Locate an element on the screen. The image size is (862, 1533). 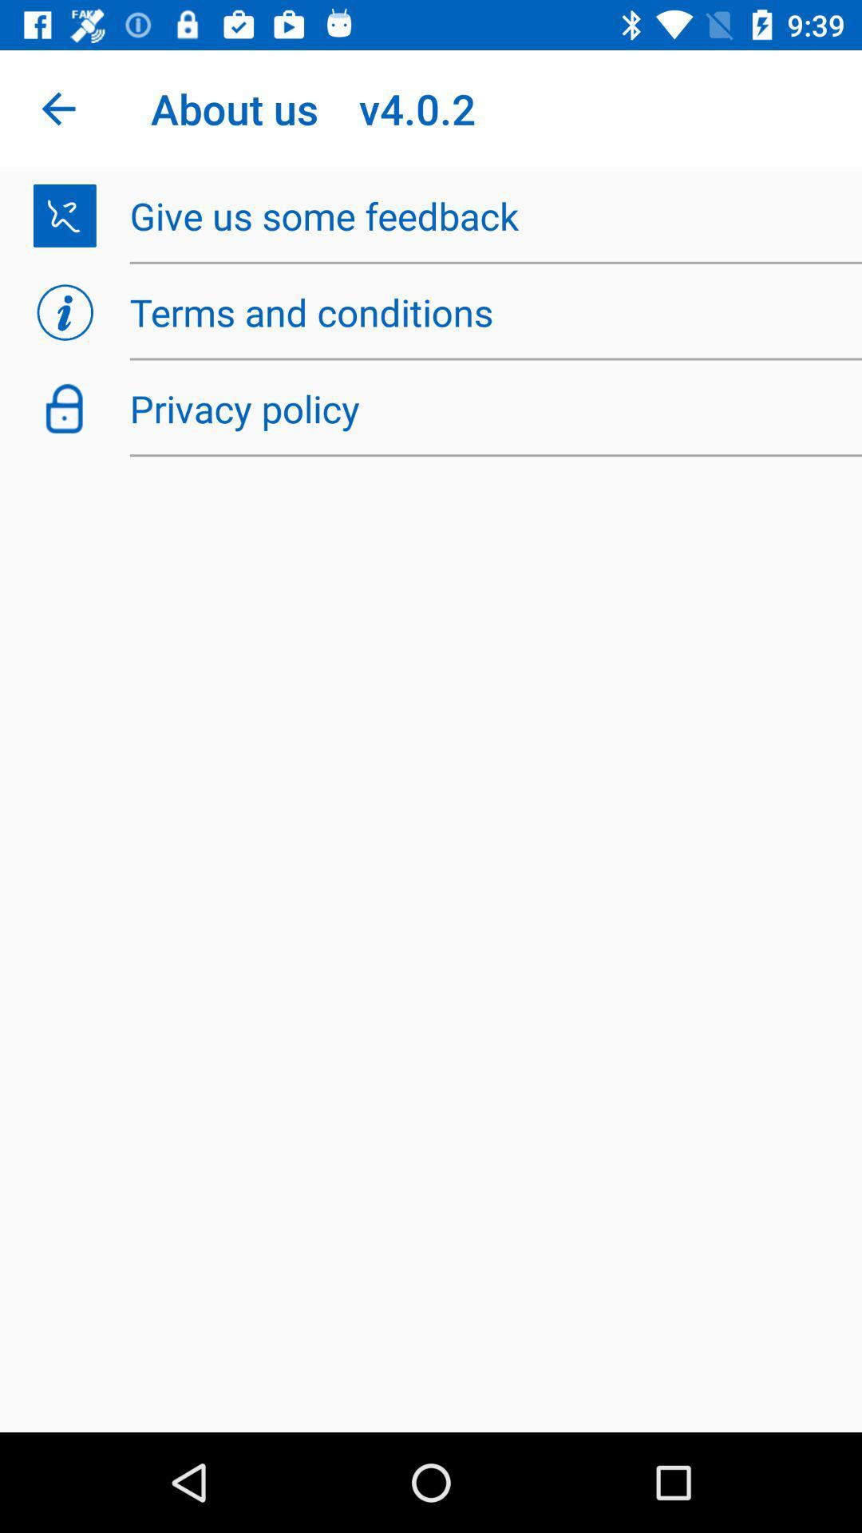
the privacy policy item is located at coordinates (486, 408).